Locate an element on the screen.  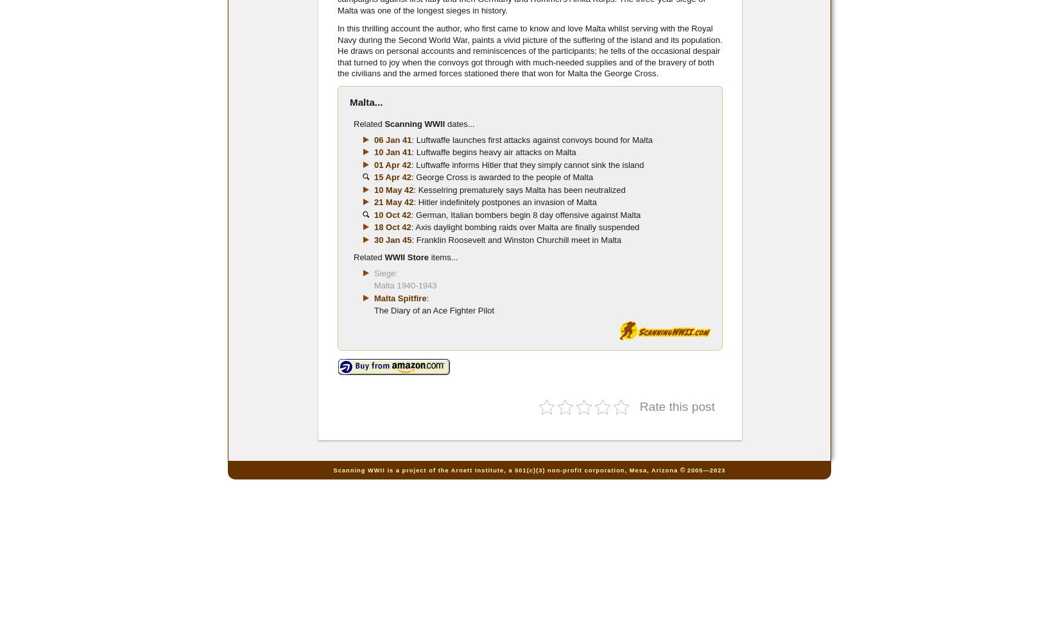
': Axis daylight bombing raids over Malta are finally suspended' is located at coordinates (410, 226).